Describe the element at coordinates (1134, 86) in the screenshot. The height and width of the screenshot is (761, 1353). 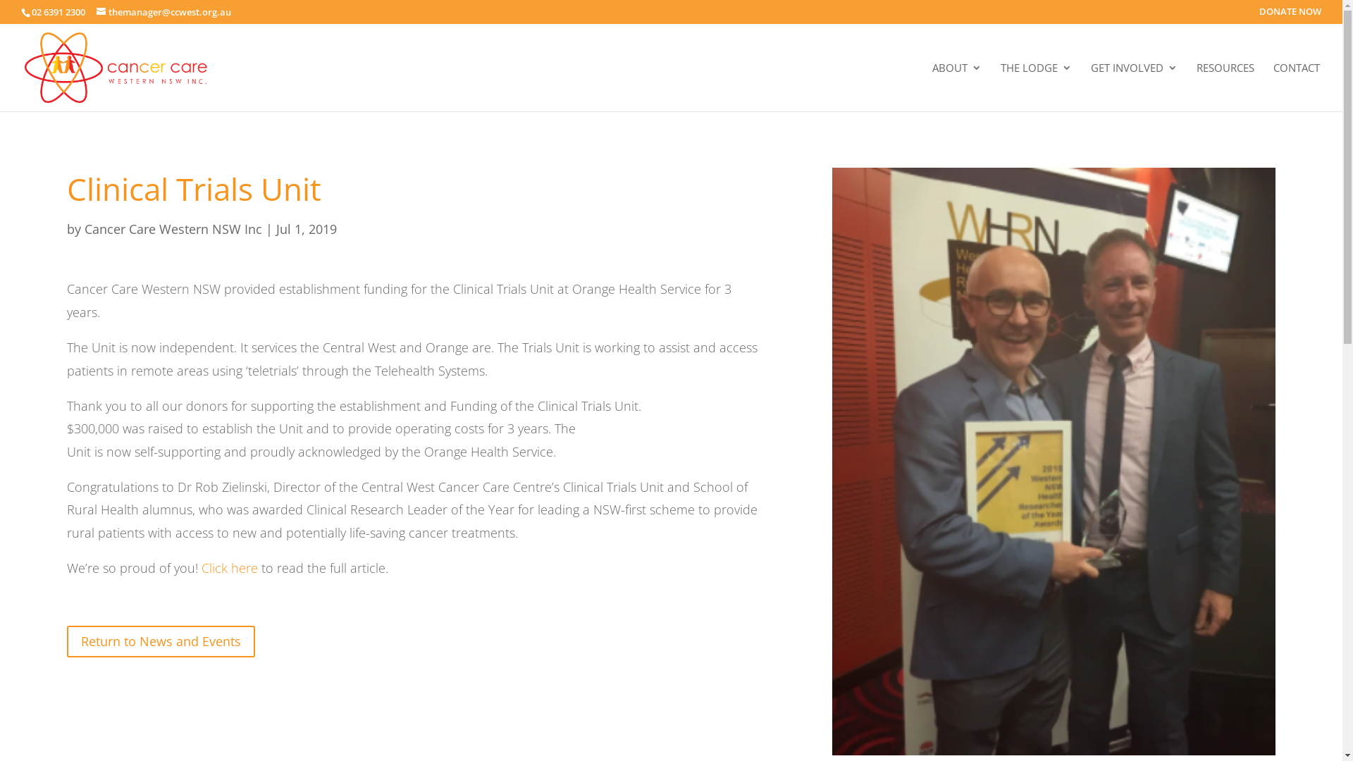
I see `'GET INVOLVED'` at that location.